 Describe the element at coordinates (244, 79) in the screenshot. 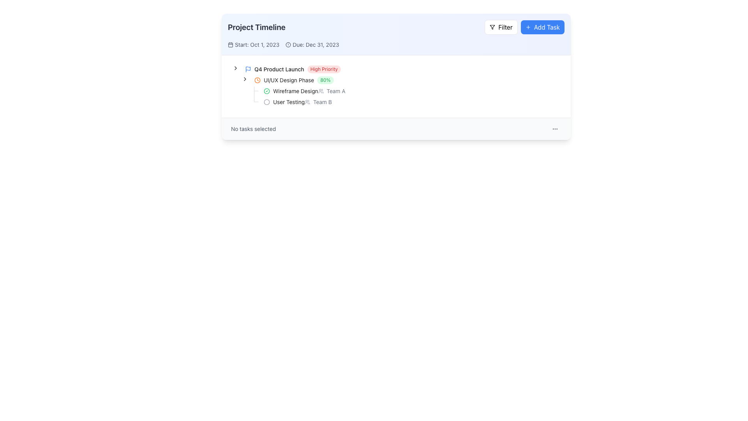

I see `the toggle button with a right-pointing chevron icon located to the left of the 'UI/UX Design Phase' item` at that location.